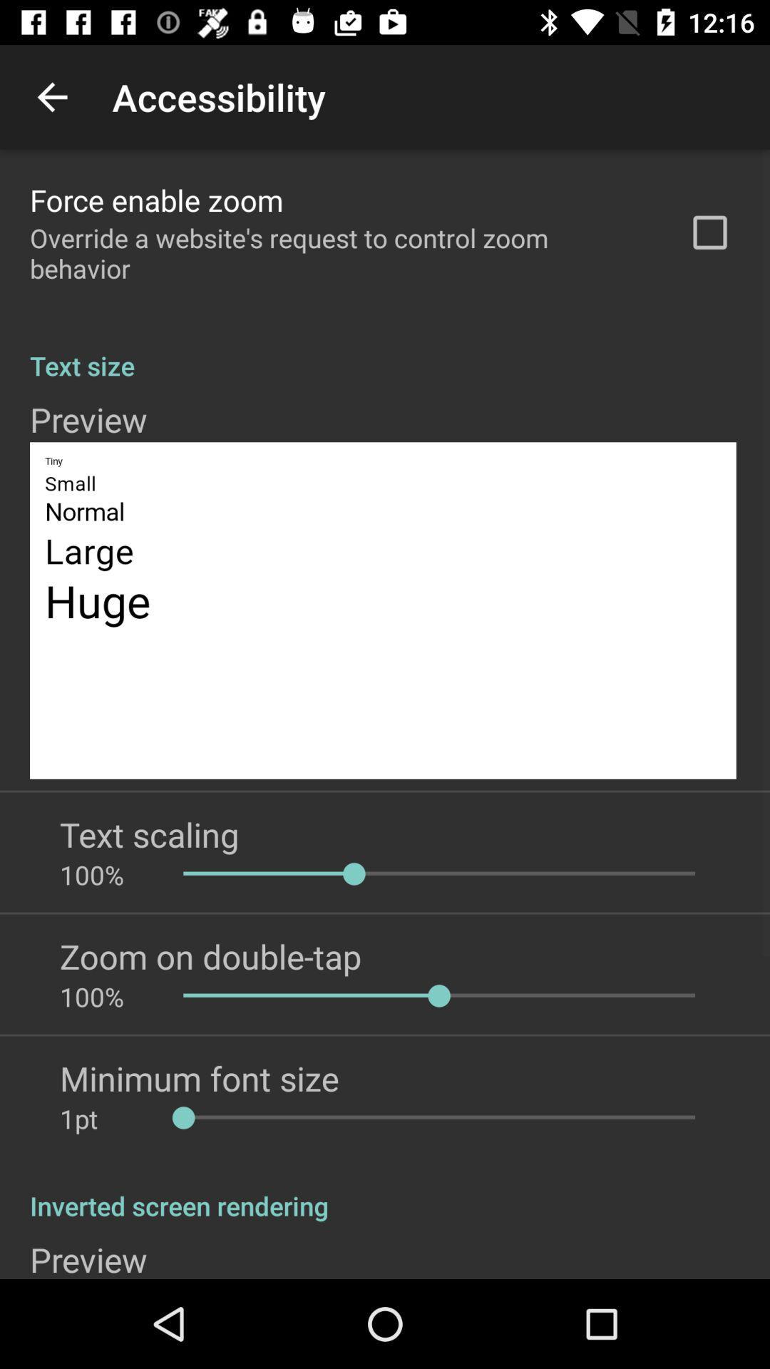  Describe the element at coordinates (51, 96) in the screenshot. I see `the app to the left of accessibility app` at that location.